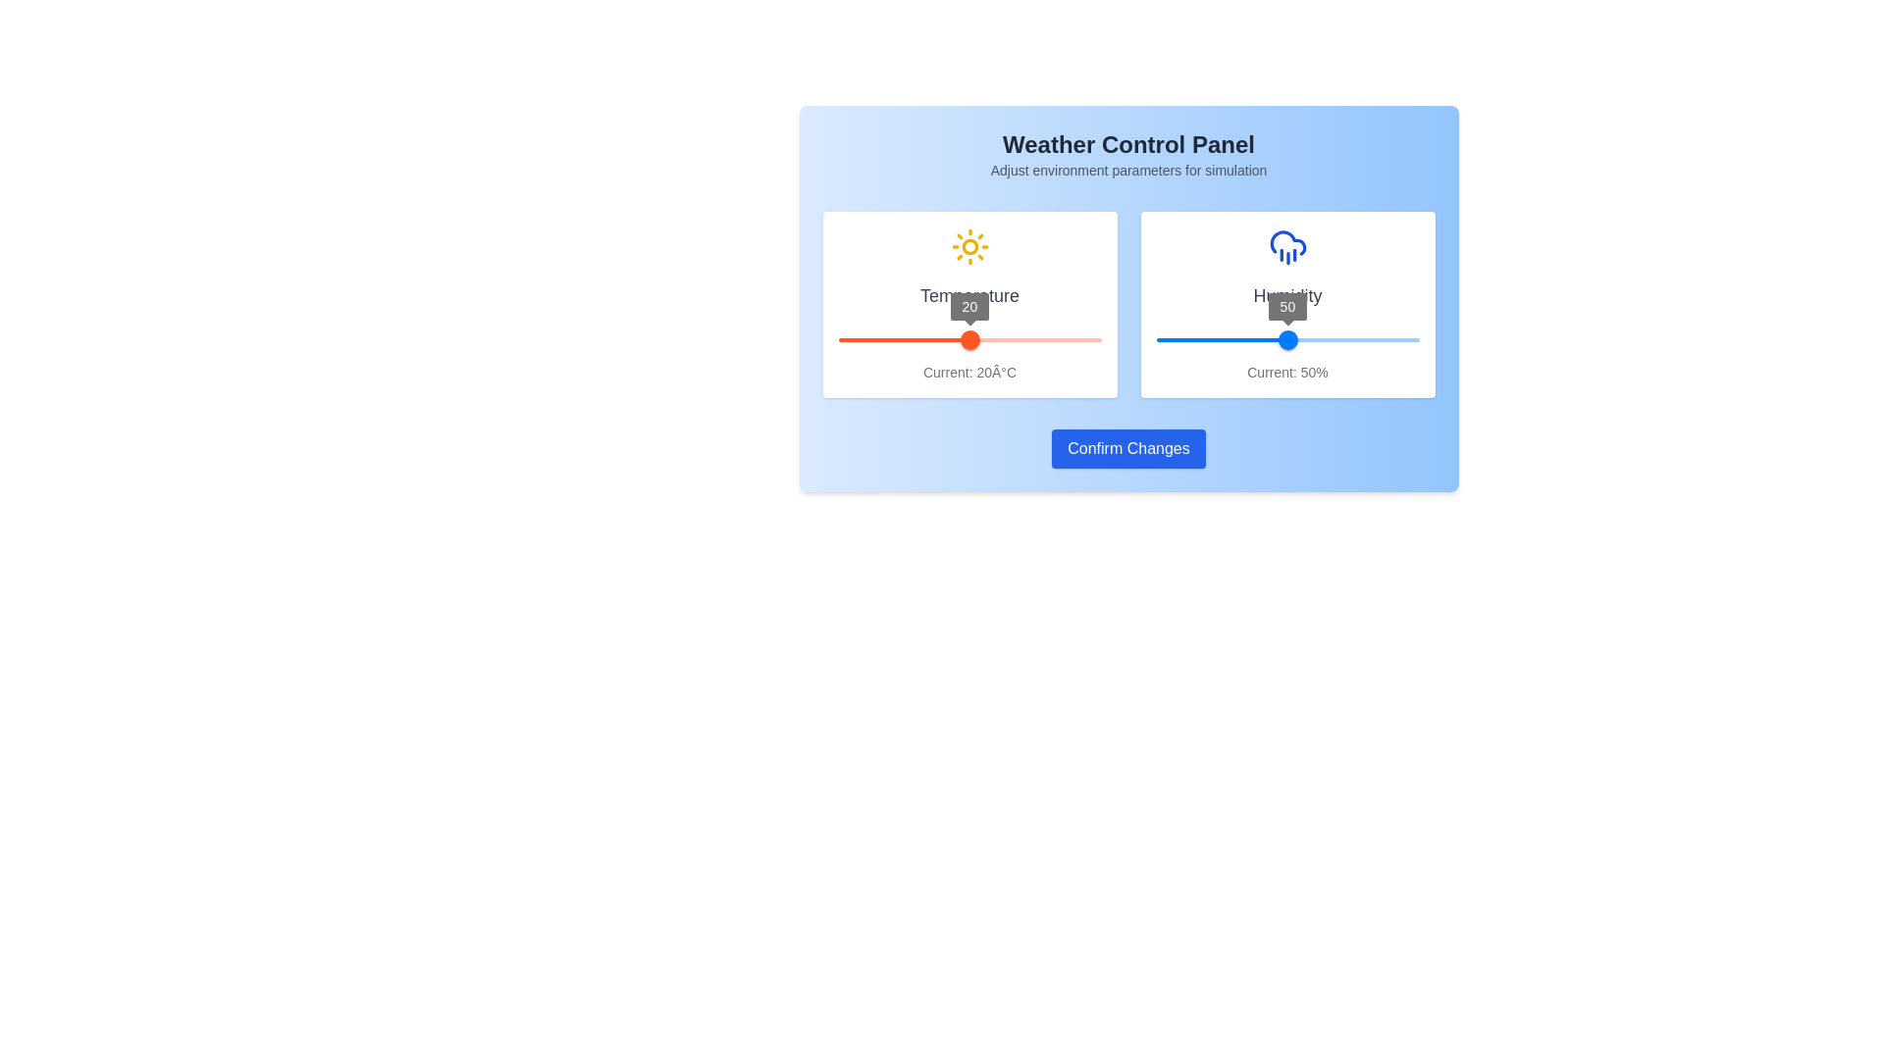 This screenshot has height=1059, width=1884. I want to click on humidity, so click(1201, 339).